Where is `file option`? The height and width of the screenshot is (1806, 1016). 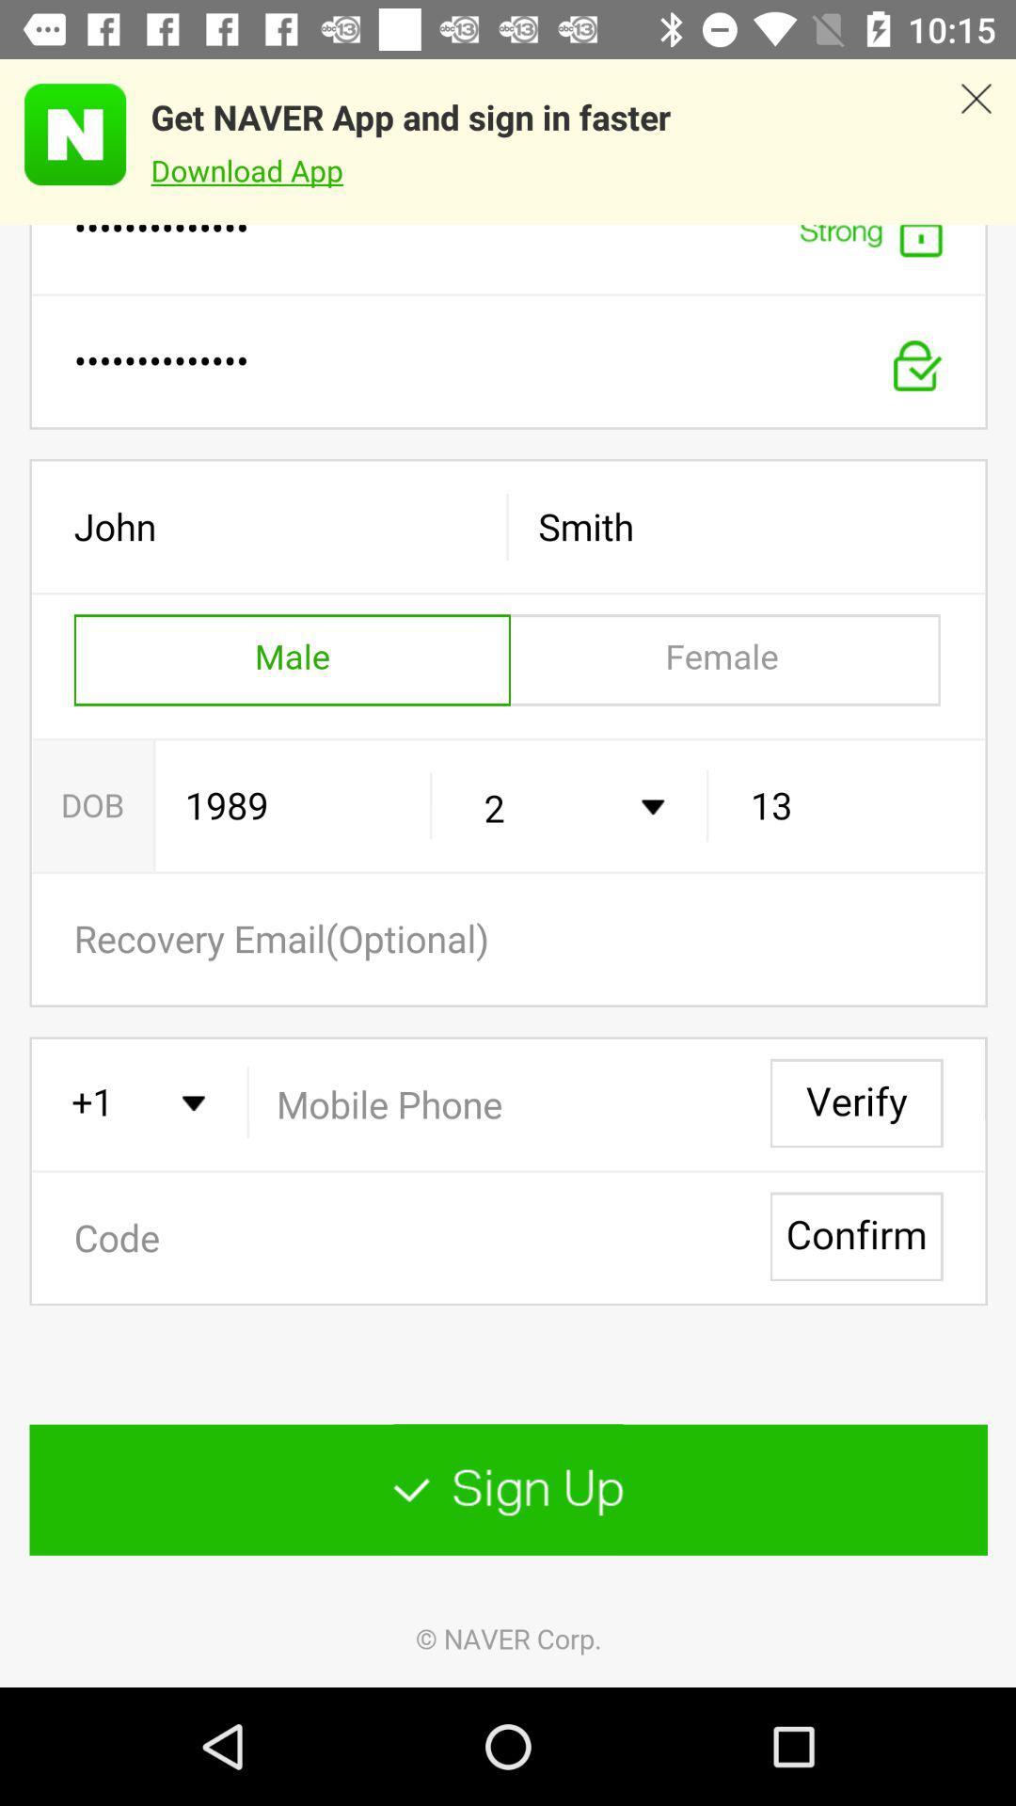 file option is located at coordinates (508, 956).